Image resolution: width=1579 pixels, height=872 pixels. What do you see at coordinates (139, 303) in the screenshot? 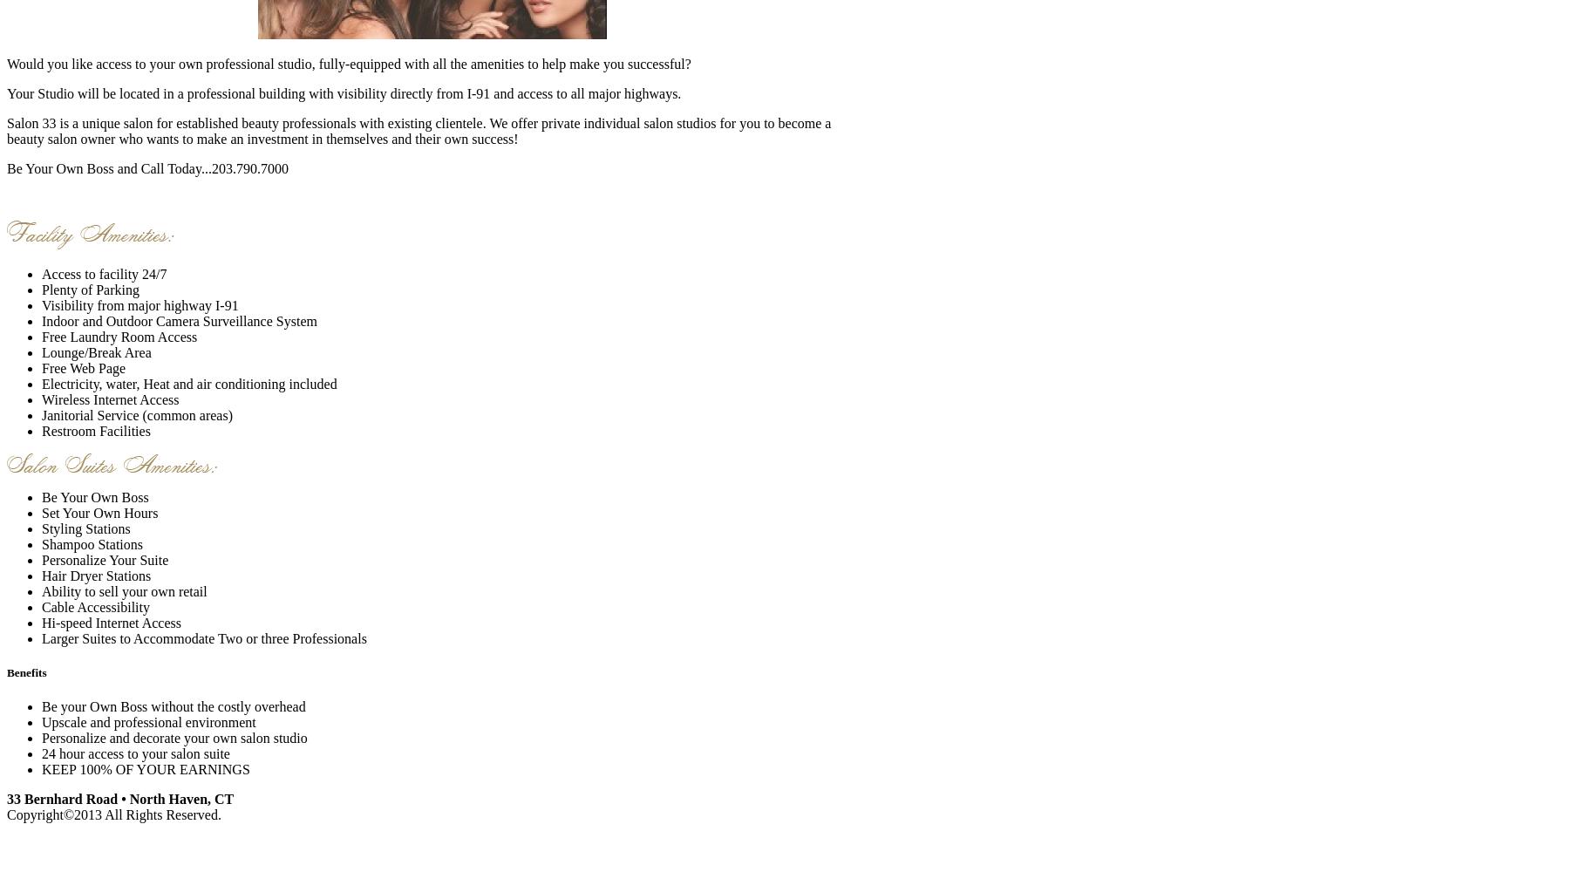
I see `'Visibility from major highway I-91'` at bounding box center [139, 303].